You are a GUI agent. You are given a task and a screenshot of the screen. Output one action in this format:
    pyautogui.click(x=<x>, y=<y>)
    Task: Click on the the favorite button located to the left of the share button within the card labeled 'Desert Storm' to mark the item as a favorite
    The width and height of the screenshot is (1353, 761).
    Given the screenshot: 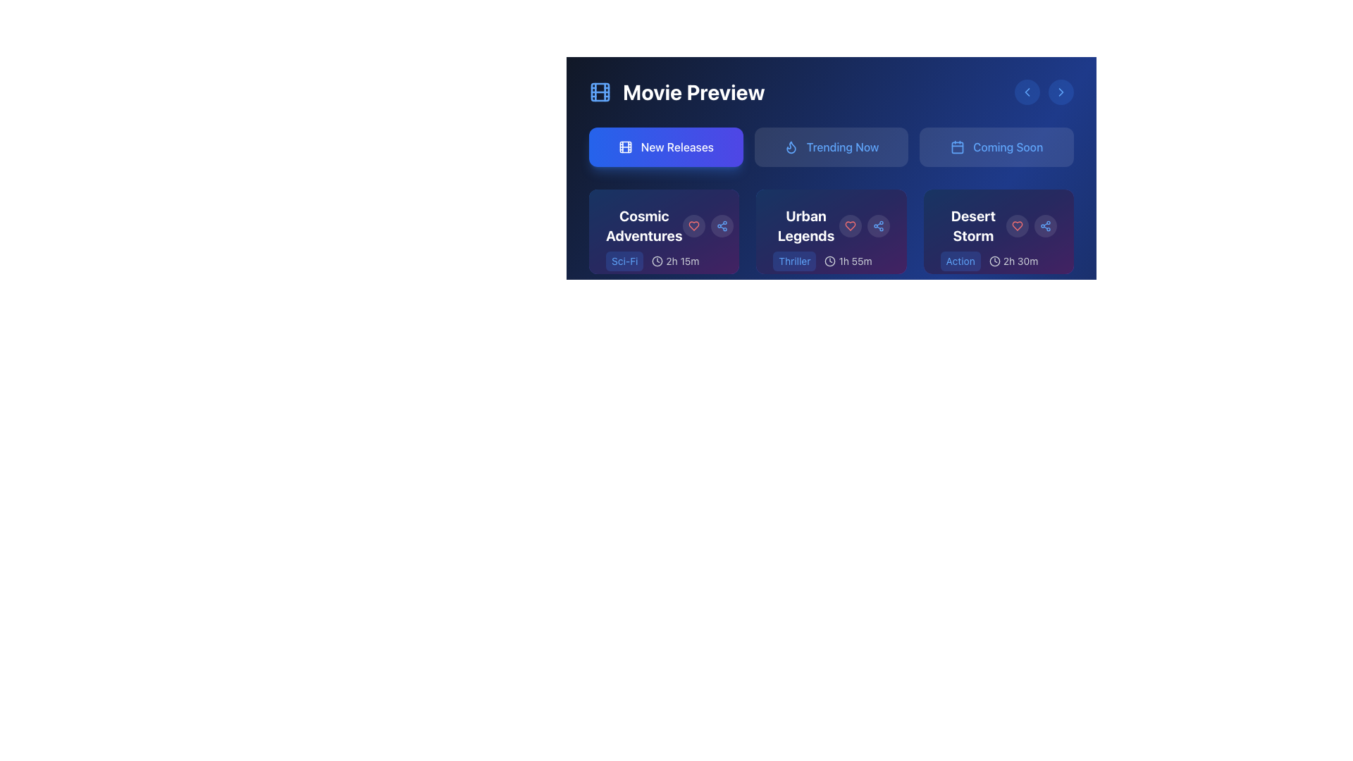 What is the action you would take?
    pyautogui.click(x=1018, y=225)
    